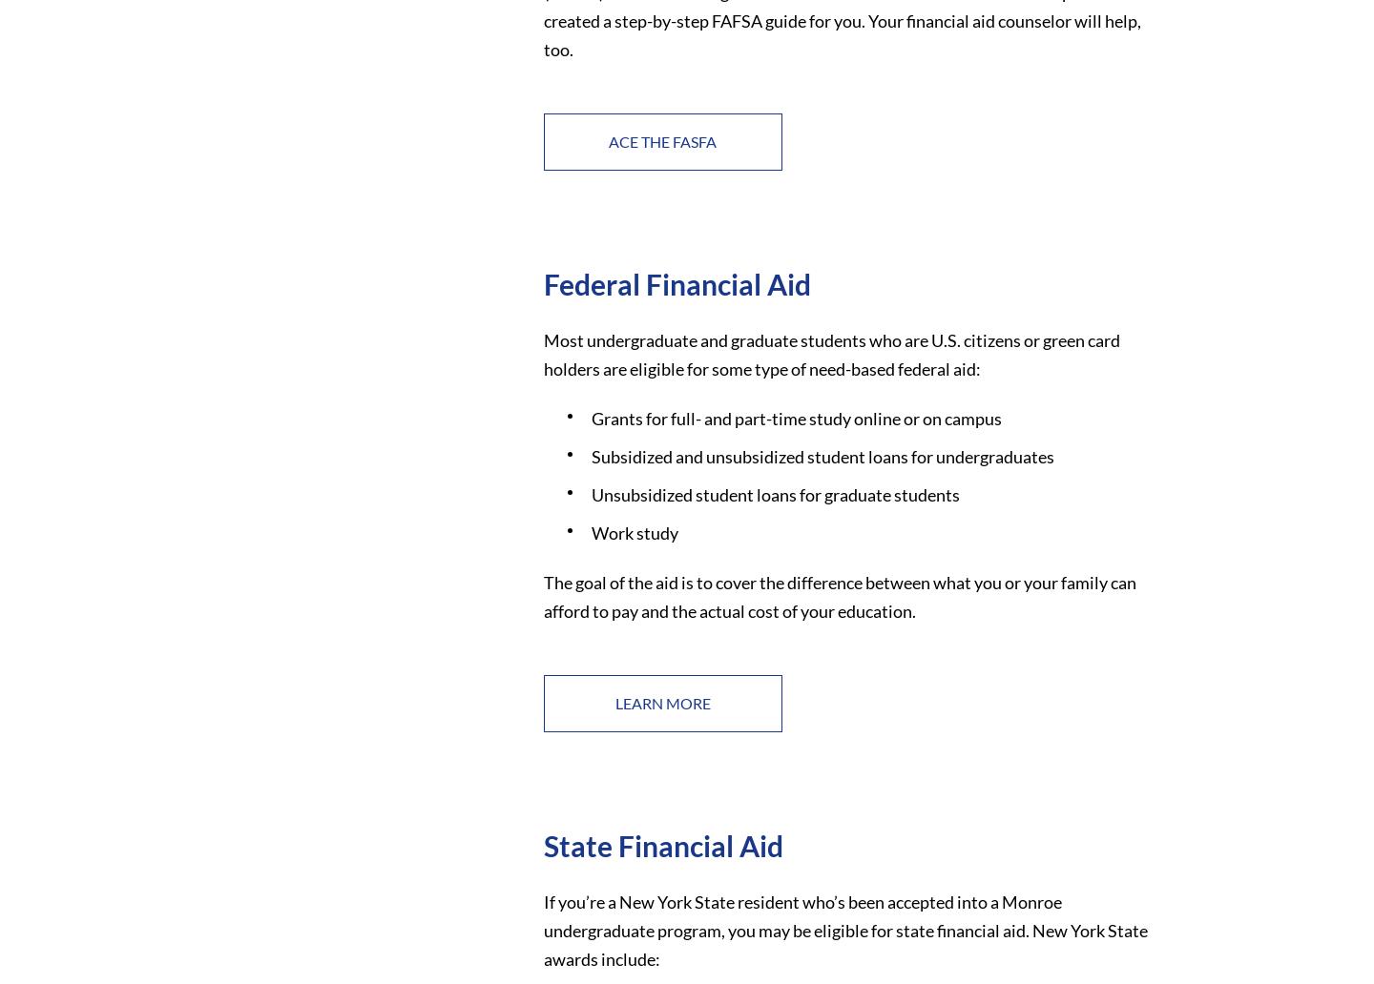 The image size is (1374, 984). What do you see at coordinates (661, 701) in the screenshot?
I see `'Learn More'` at bounding box center [661, 701].